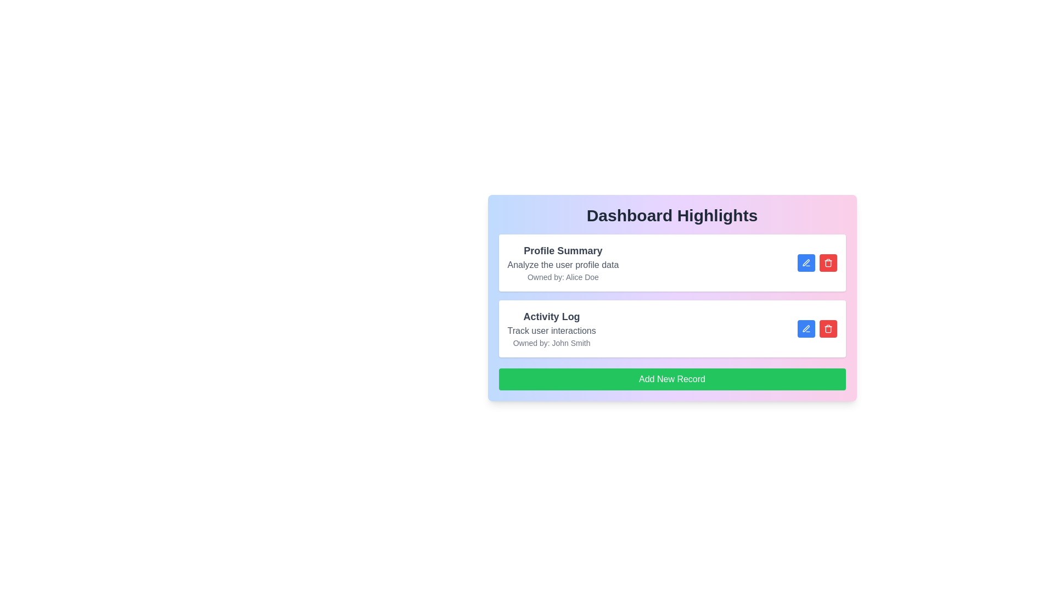 This screenshot has width=1054, height=593. I want to click on the blue pen icon button located in the top right region of the 'Profile Summary' list item card to initiate the edit action, so click(806, 262).